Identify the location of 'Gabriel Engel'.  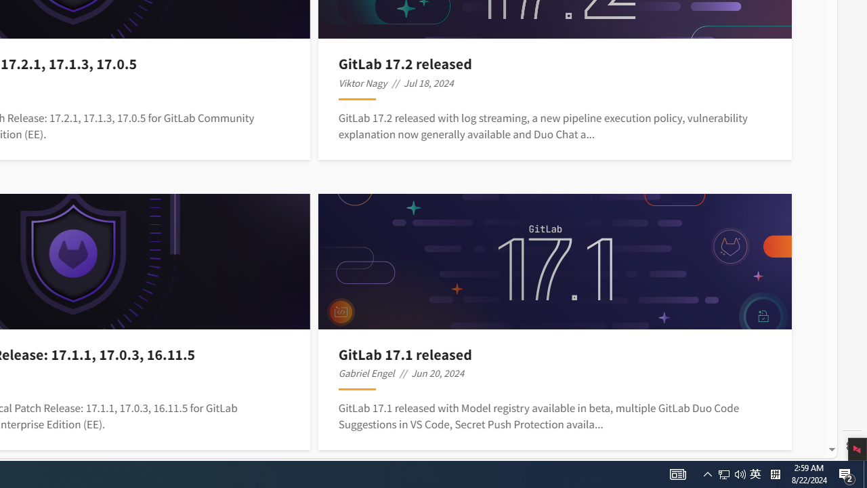
(366, 373).